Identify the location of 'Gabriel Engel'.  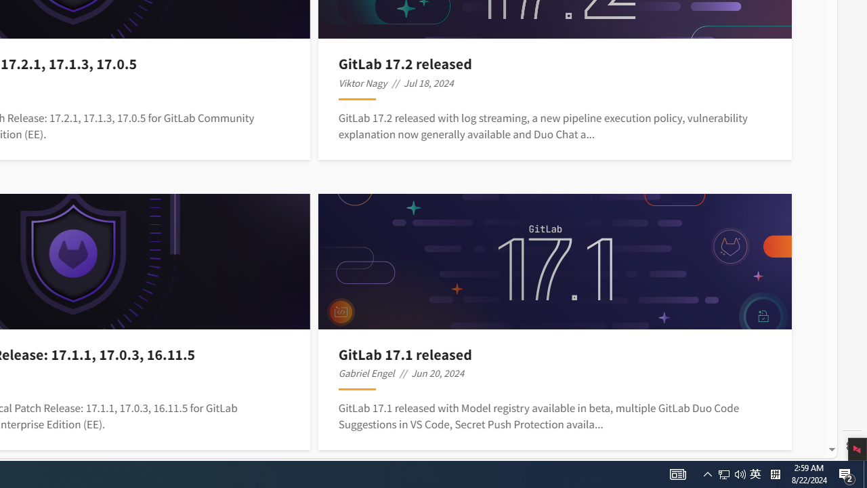
(366, 373).